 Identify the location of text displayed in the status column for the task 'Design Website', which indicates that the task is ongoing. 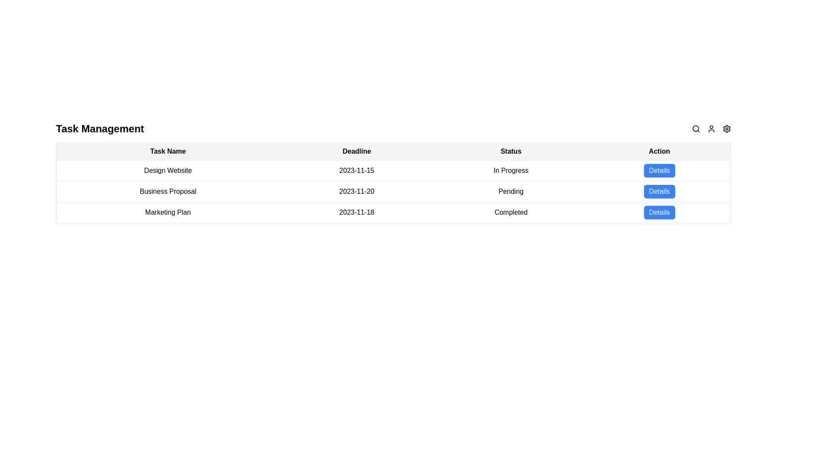
(511, 171).